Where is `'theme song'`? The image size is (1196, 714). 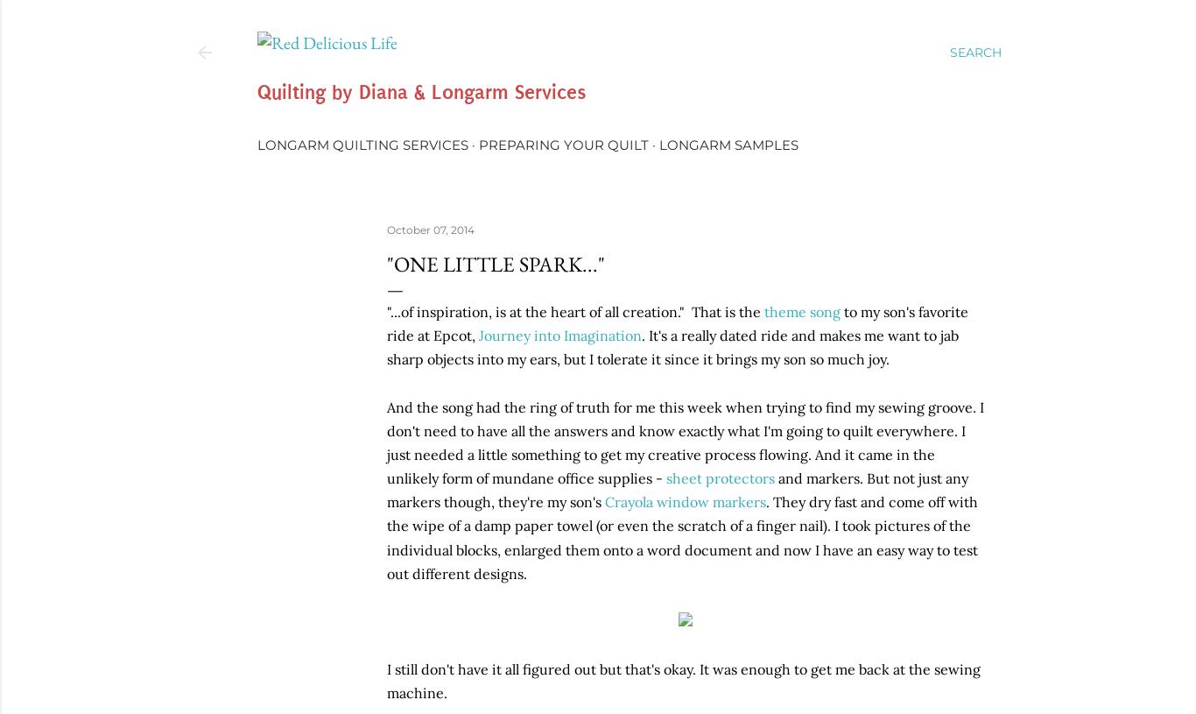
'theme song' is located at coordinates (802, 310).